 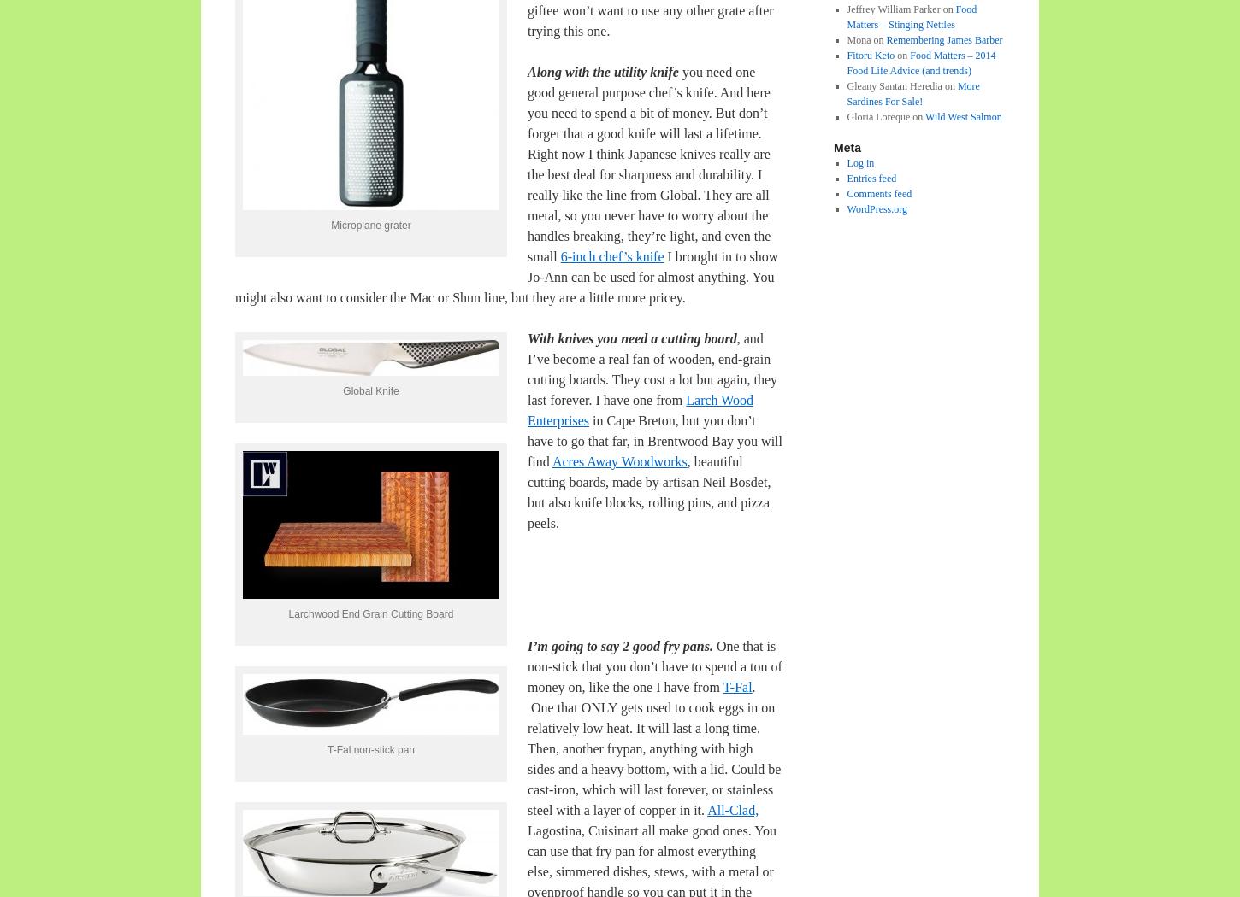 What do you see at coordinates (369, 391) in the screenshot?
I see `'Global Knife'` at bounding box center [369, 391].